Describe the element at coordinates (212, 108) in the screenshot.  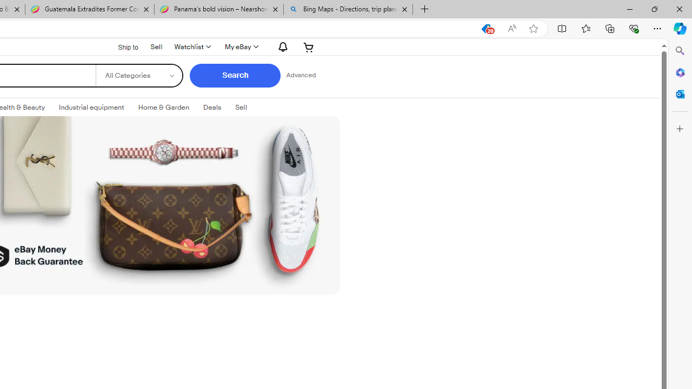
I see `'Deals'` at that location.